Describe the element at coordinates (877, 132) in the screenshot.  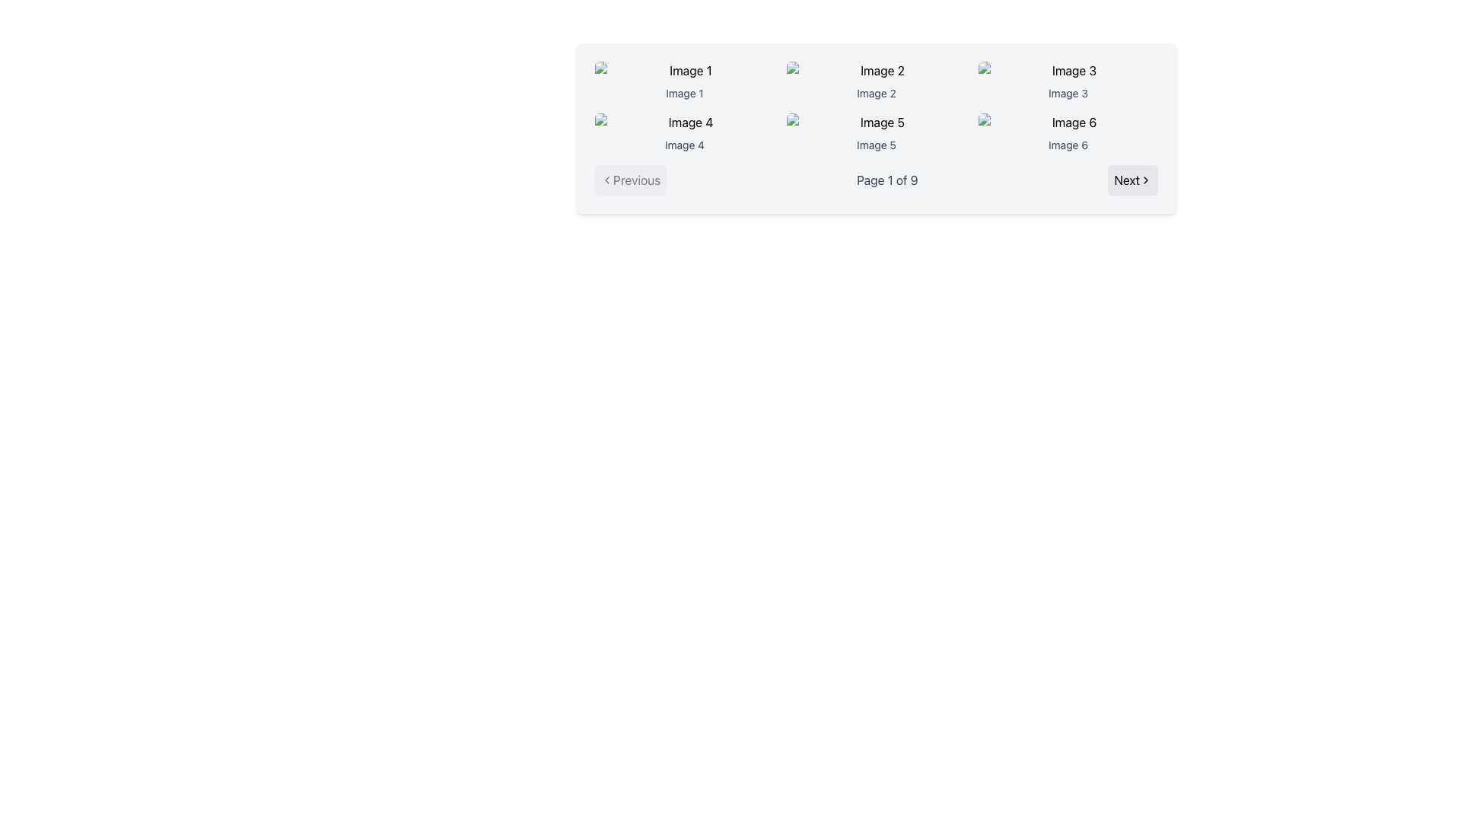
I see `the image labeled 'Image 5' in the center column of the second row for a larger view` at that location.